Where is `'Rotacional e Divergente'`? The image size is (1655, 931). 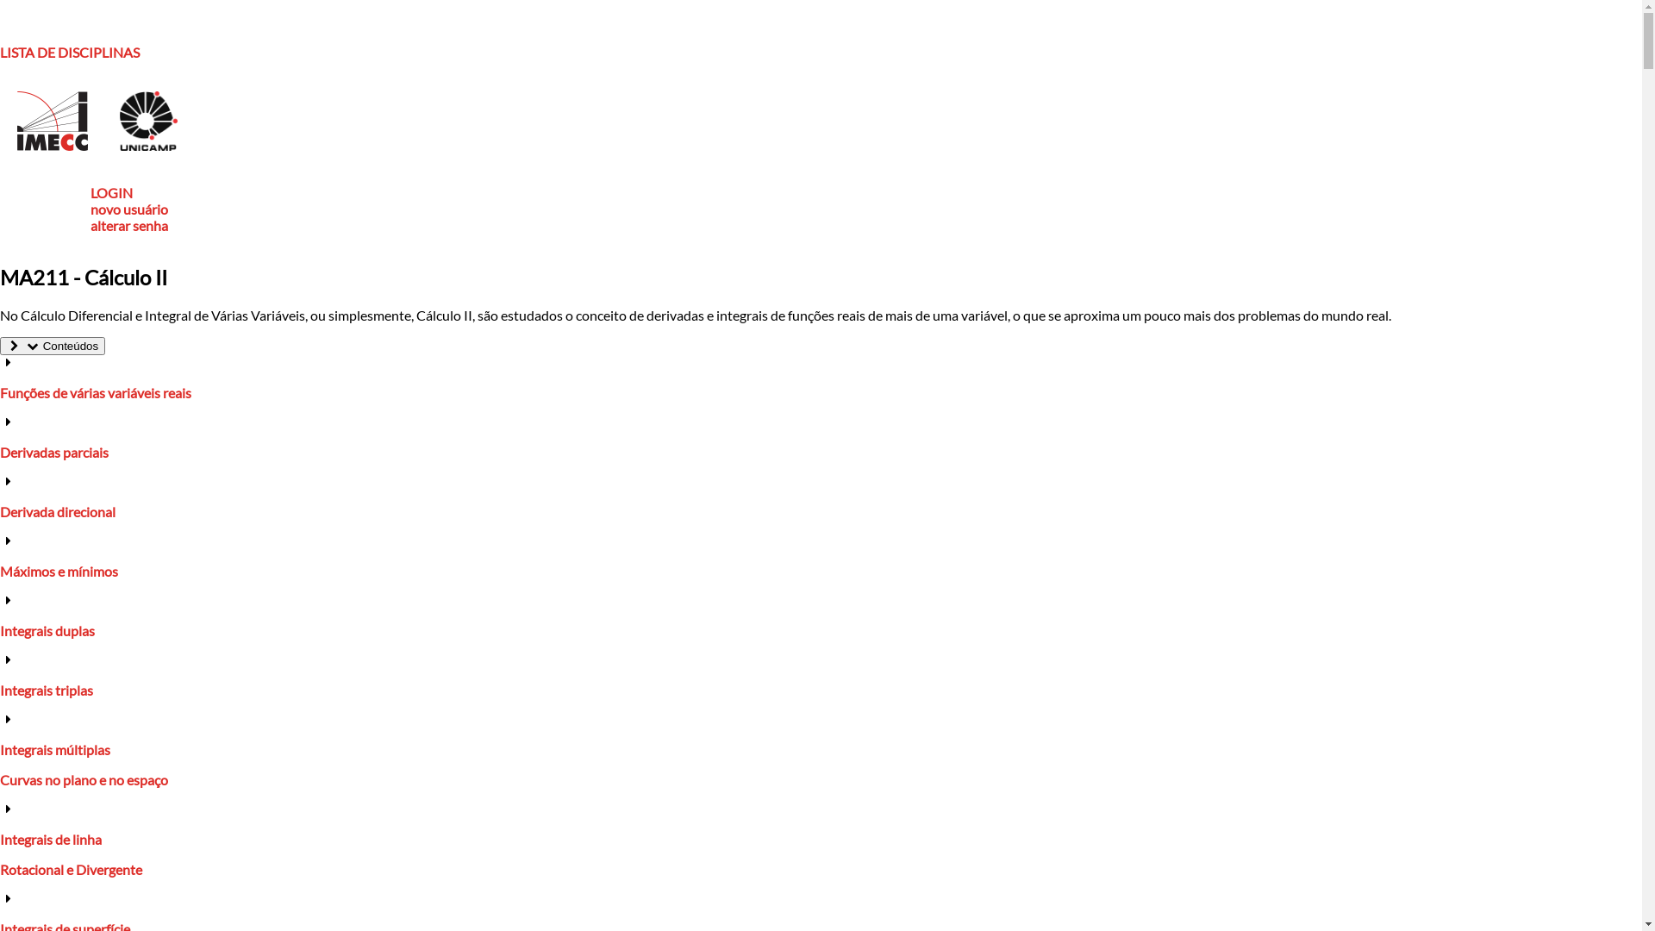 'Rotacional e Divergente' is located at coordinates (70, 869).